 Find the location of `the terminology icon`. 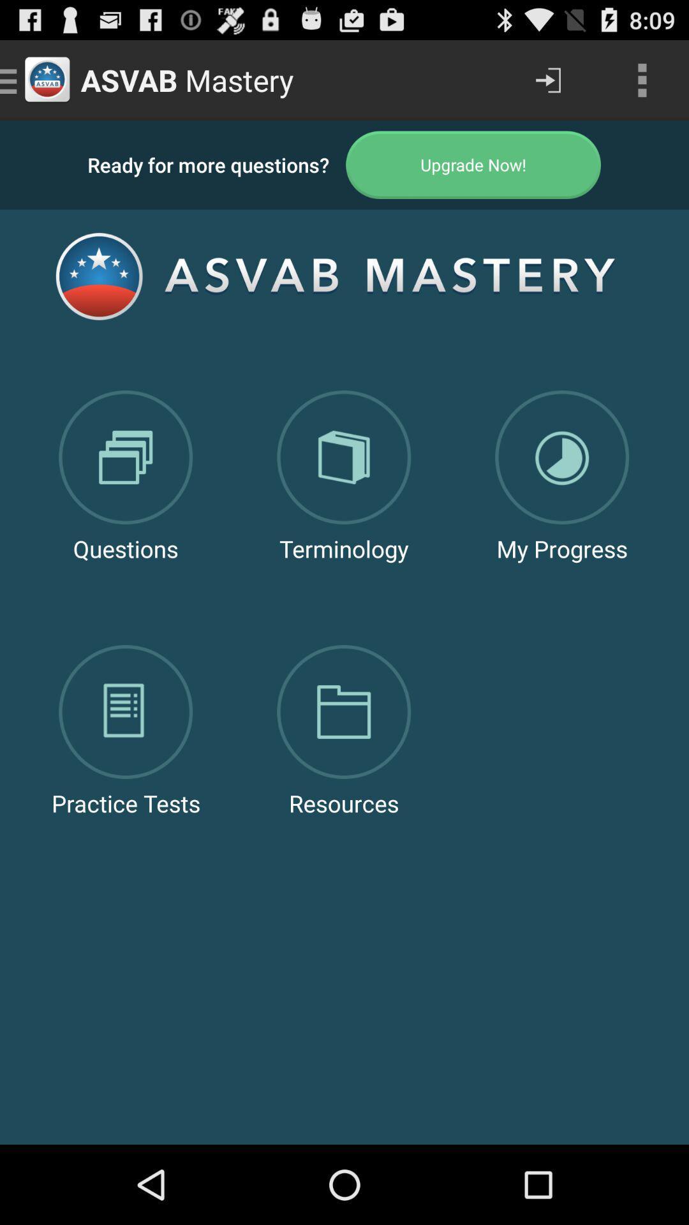

the terminology icon is located at coordinates (343, 449).